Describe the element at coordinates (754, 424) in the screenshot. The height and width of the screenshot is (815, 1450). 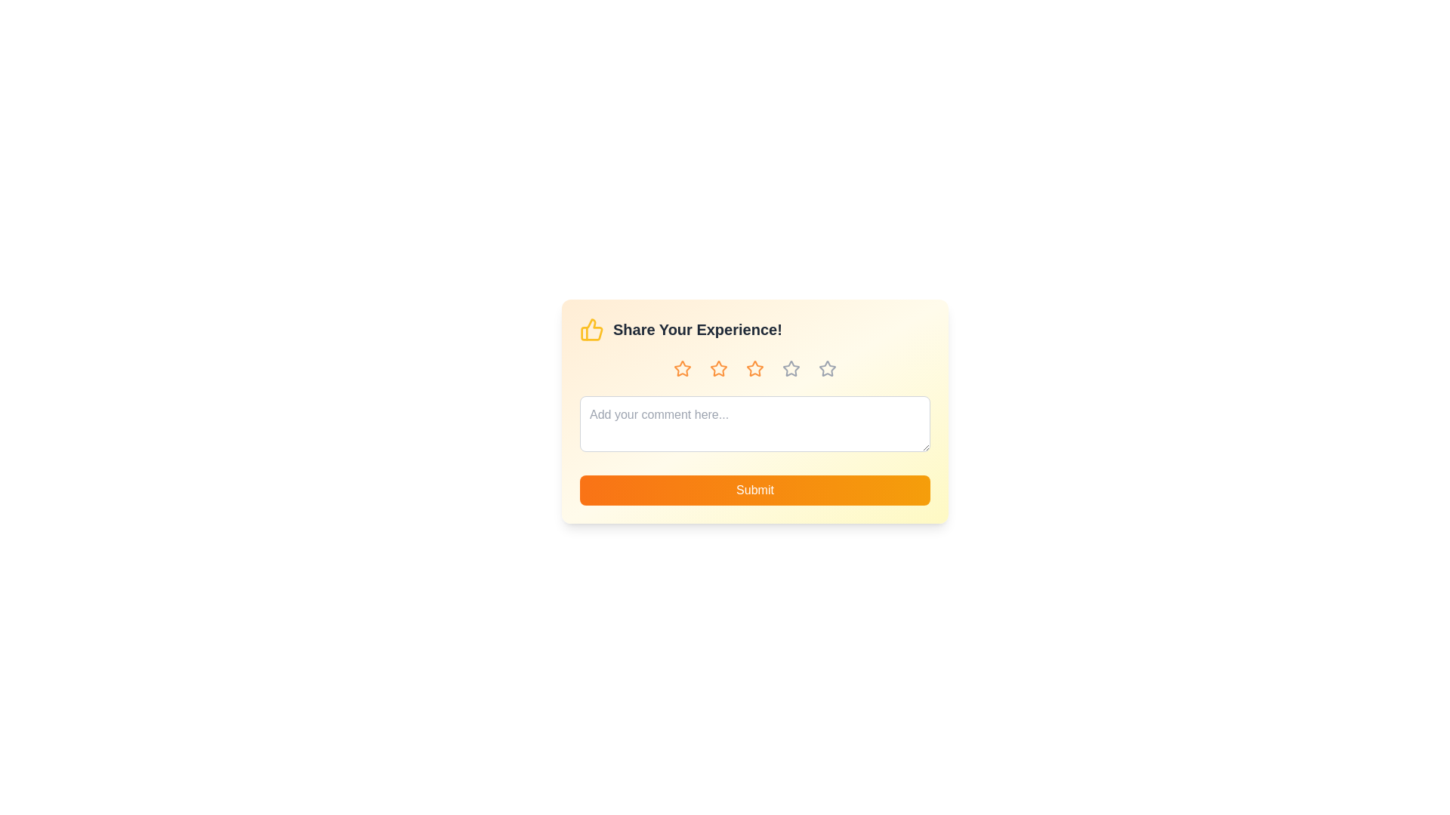
I see `the text area and type the feedback` at that location.